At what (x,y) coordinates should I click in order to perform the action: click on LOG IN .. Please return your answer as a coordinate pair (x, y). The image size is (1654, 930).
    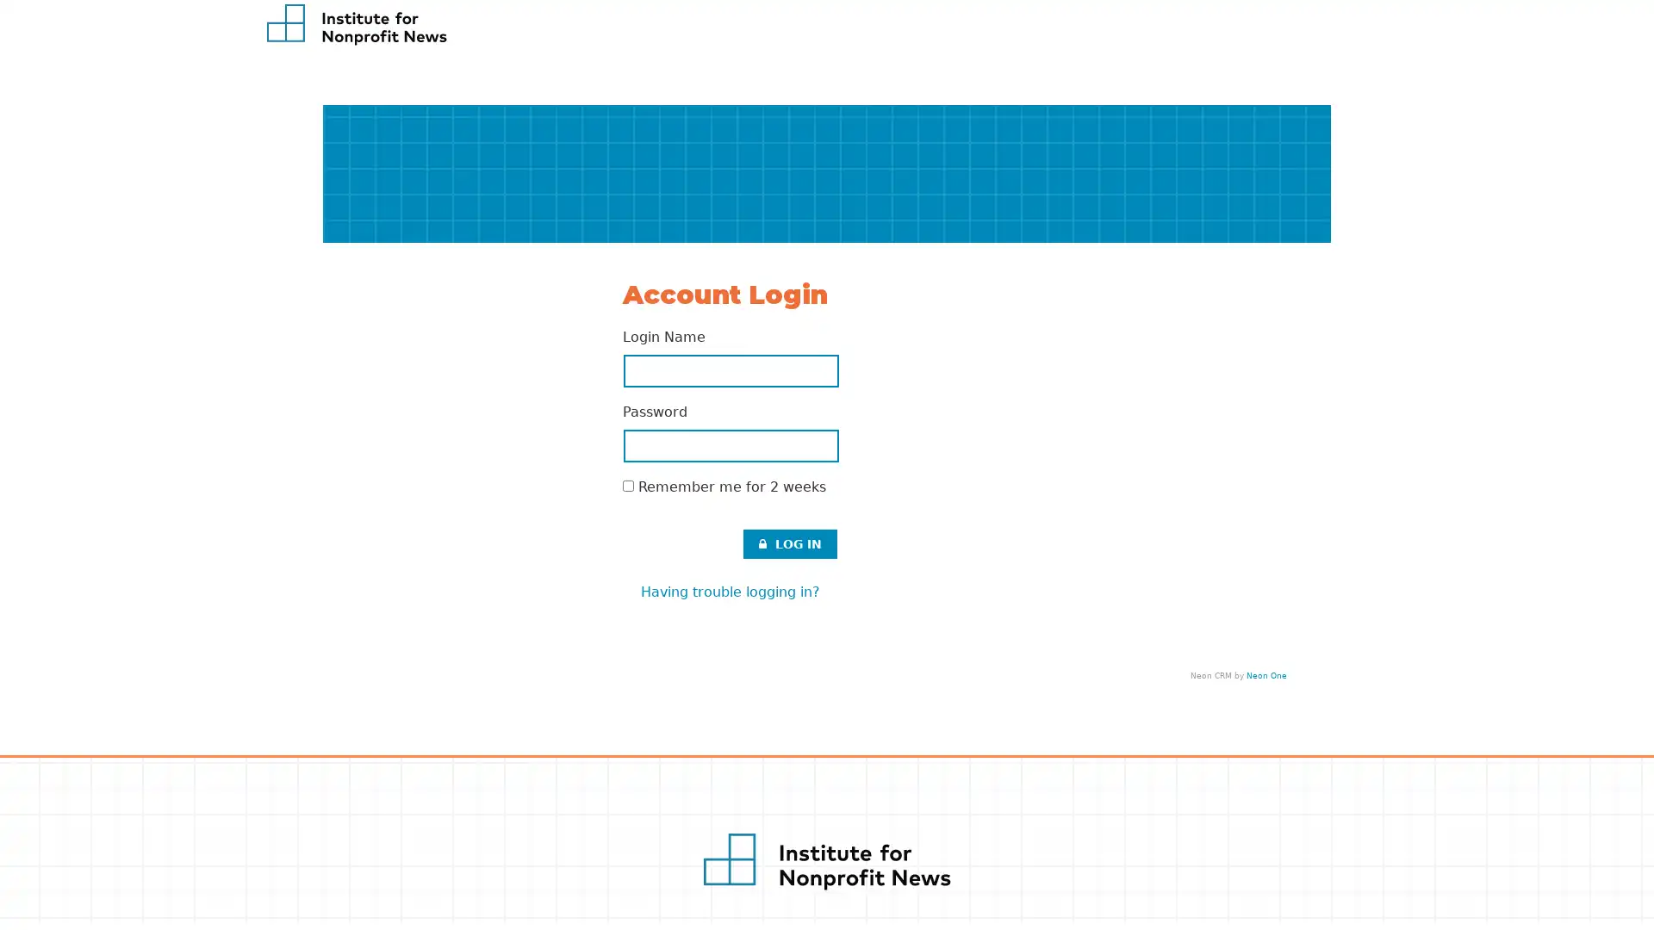
    Looking at the image, I should click on (788, 560).